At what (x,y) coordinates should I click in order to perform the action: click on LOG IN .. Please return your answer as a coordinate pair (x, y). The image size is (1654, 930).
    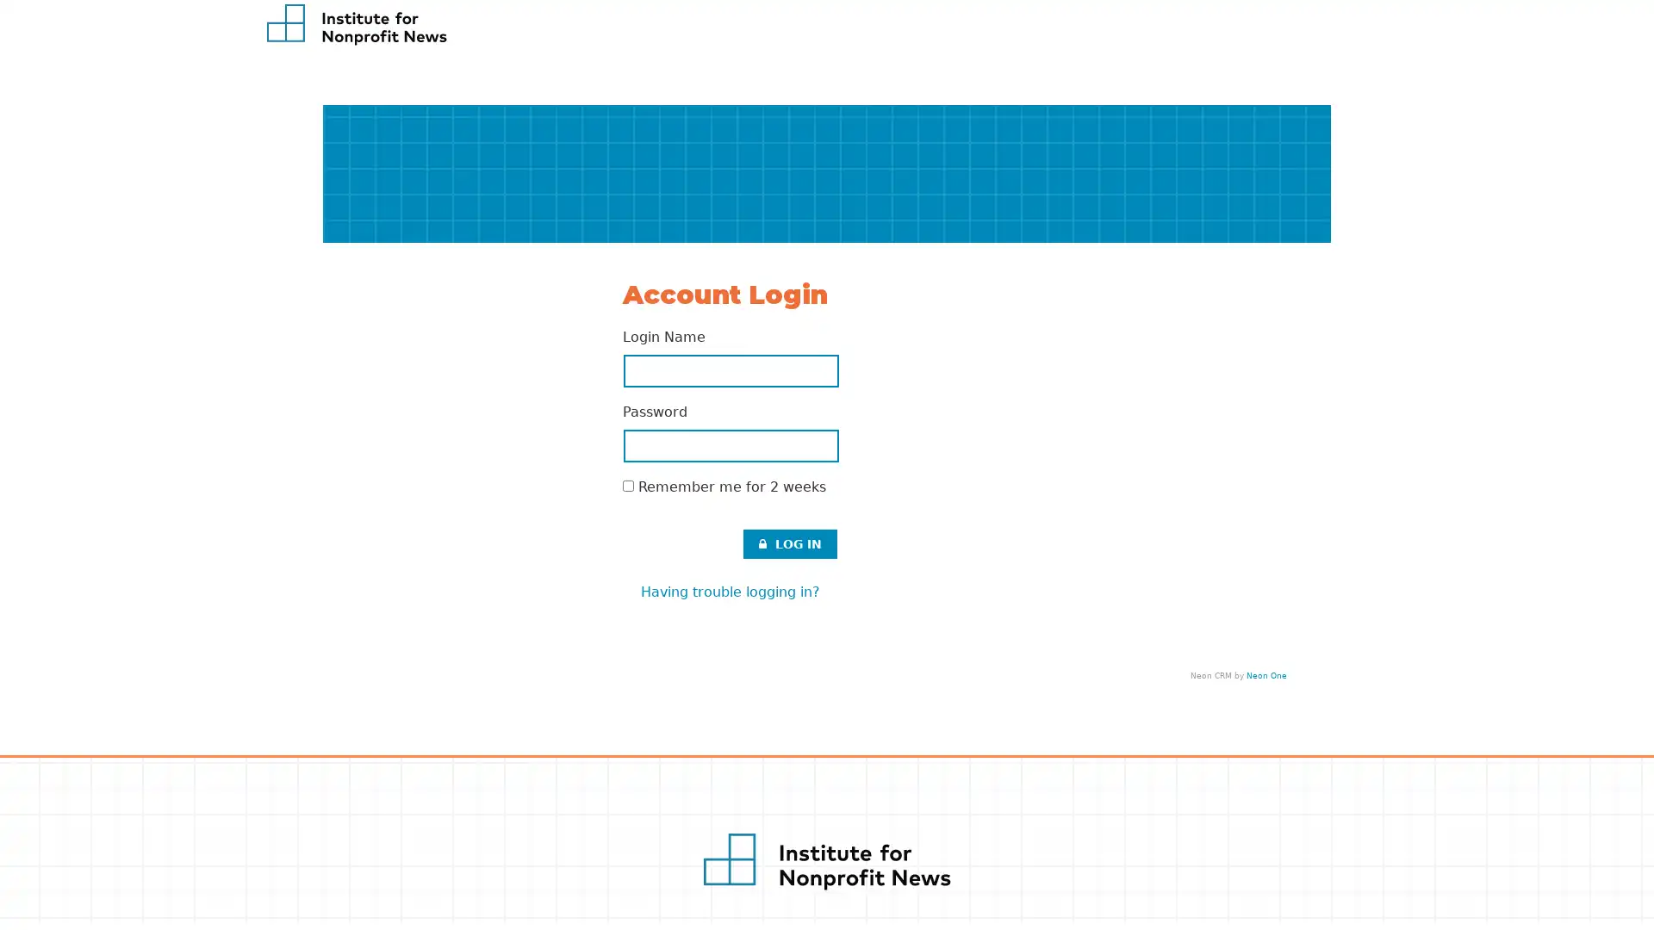
    Looking at the image, I should click on (788, 560).